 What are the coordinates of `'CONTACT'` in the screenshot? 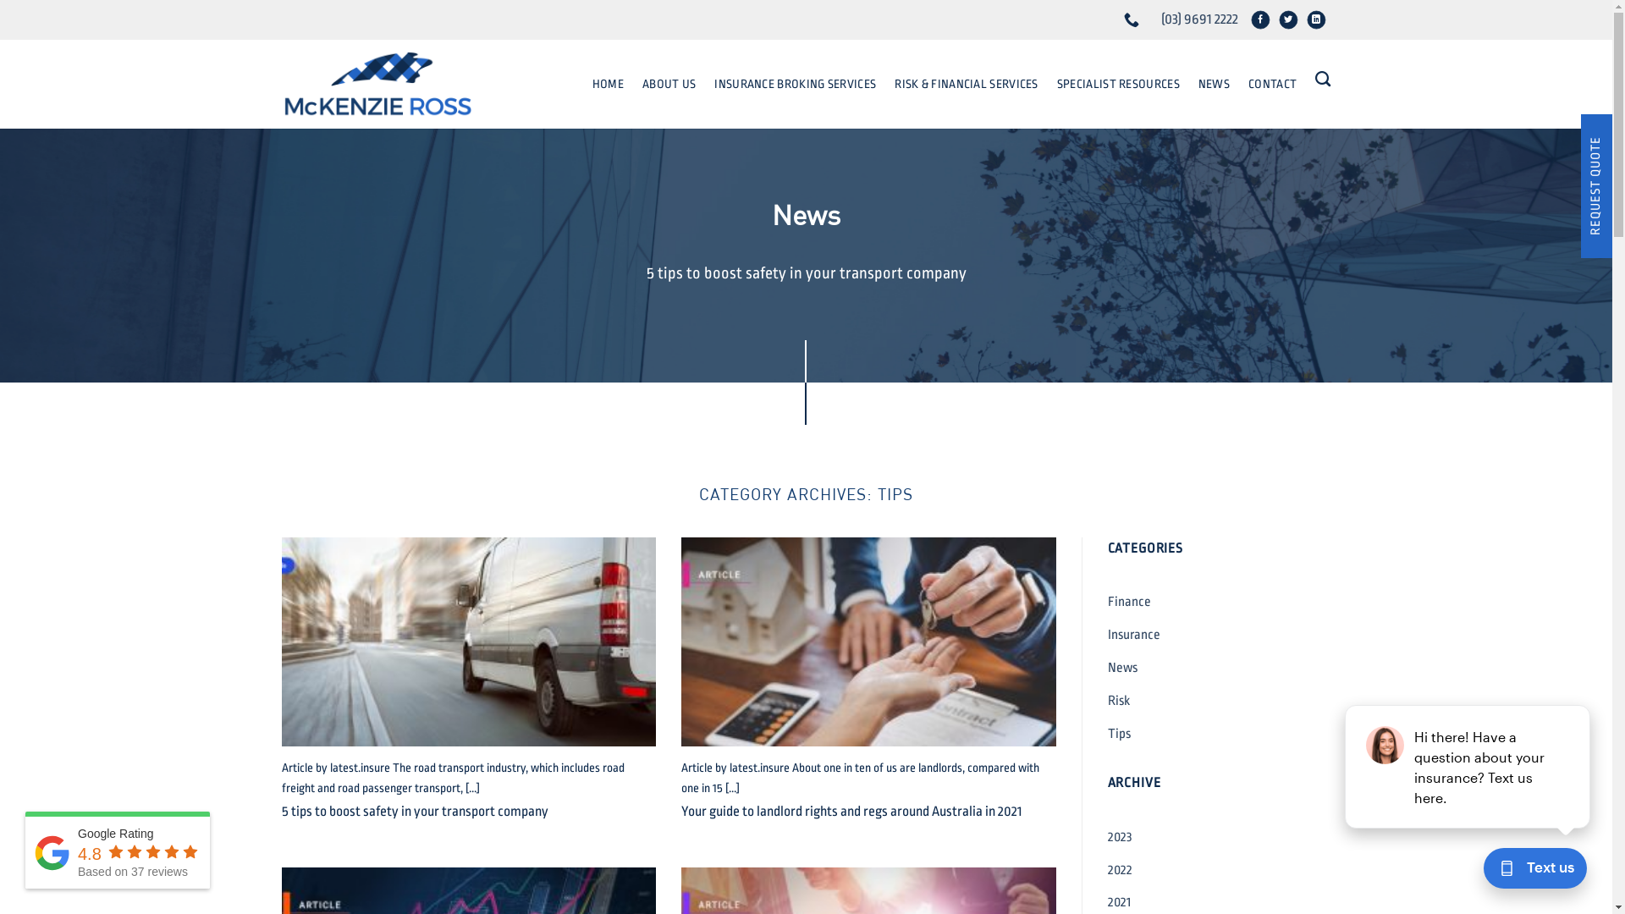 It's located at (1272, 84).